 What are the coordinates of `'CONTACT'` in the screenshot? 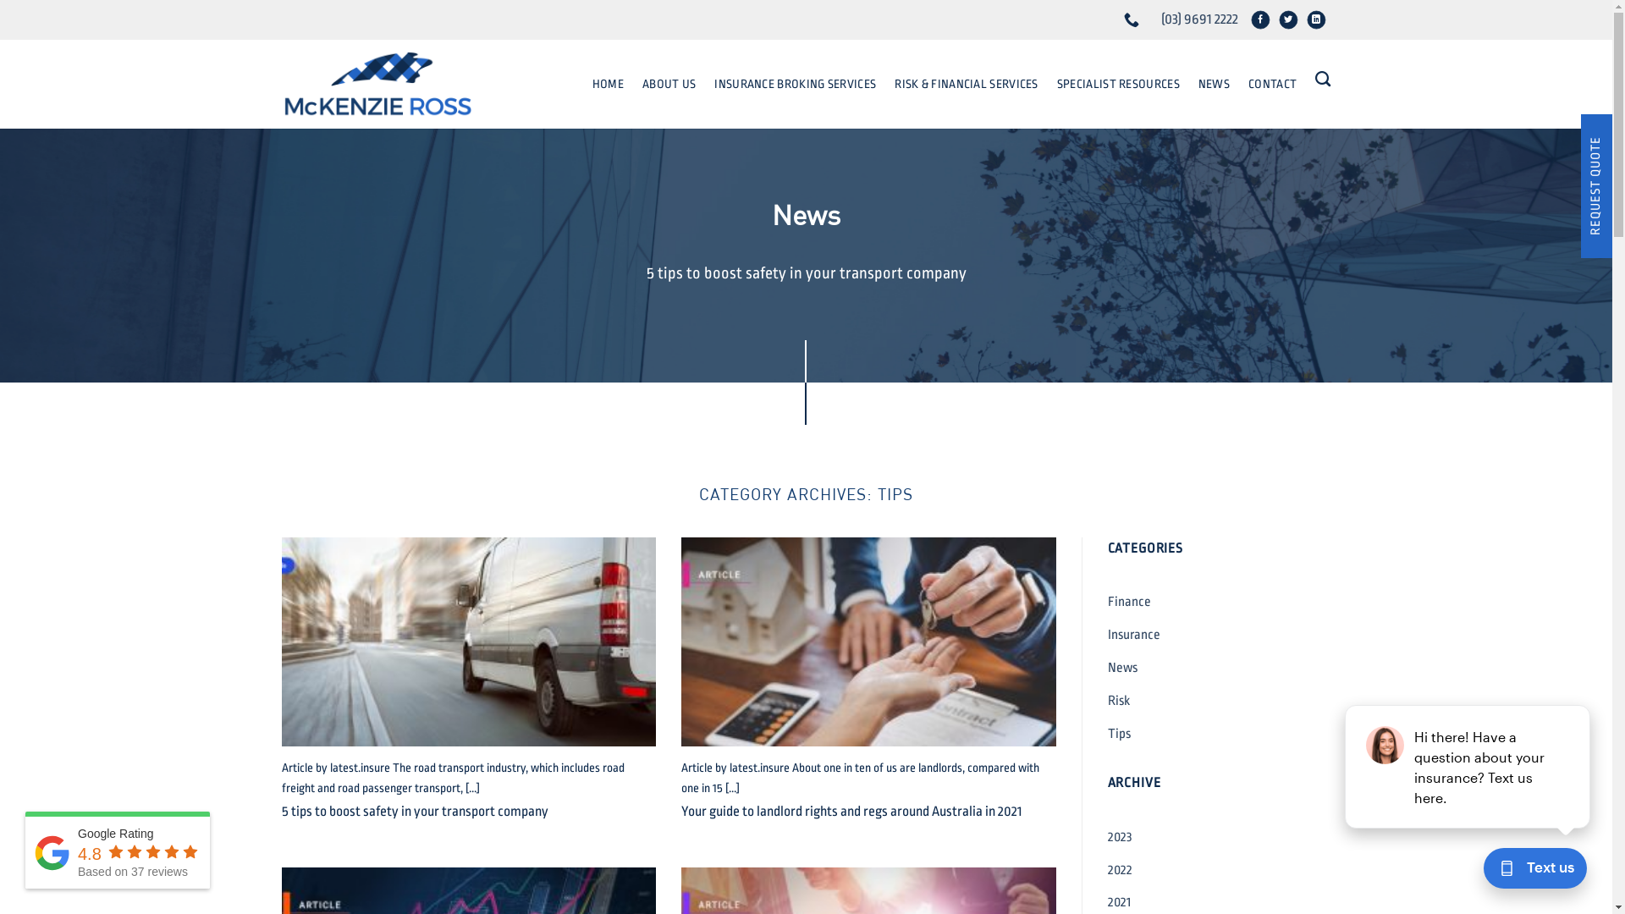 It's located at (1272, 84).